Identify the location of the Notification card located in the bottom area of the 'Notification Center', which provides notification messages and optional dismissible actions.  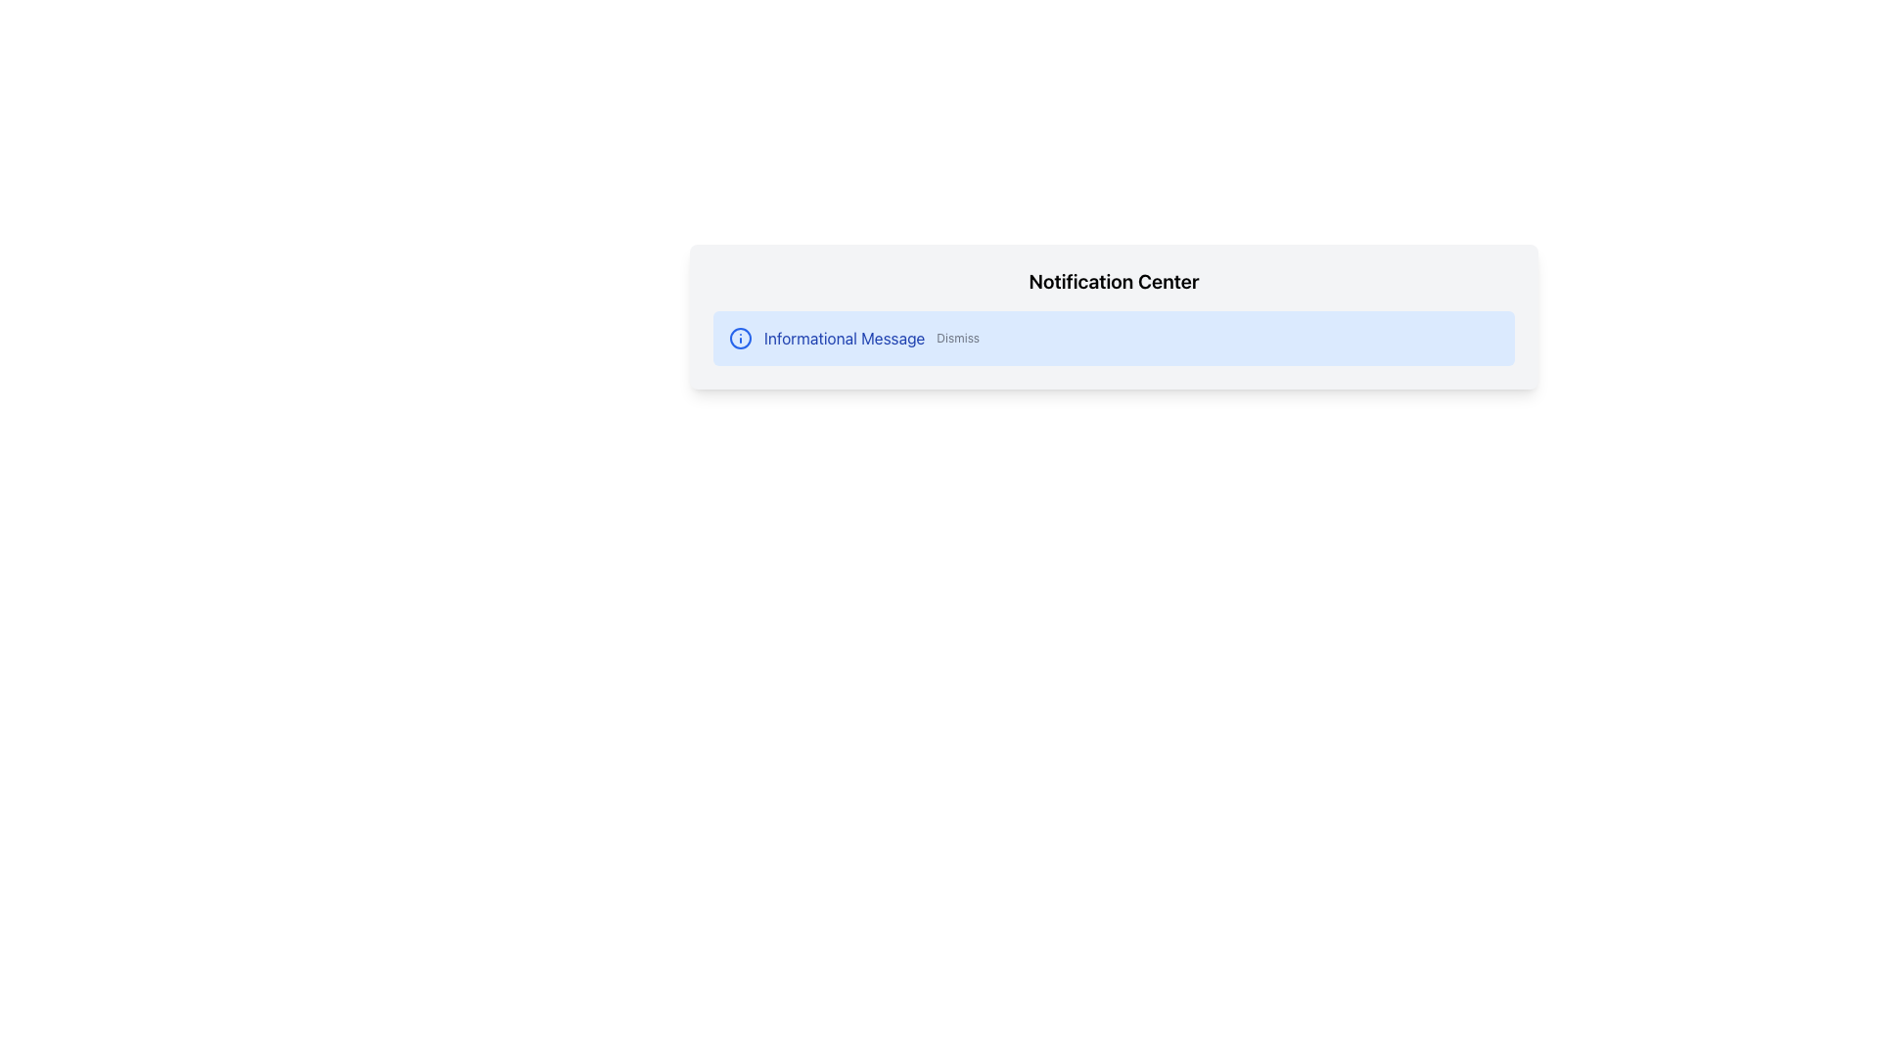
(1114, 338).